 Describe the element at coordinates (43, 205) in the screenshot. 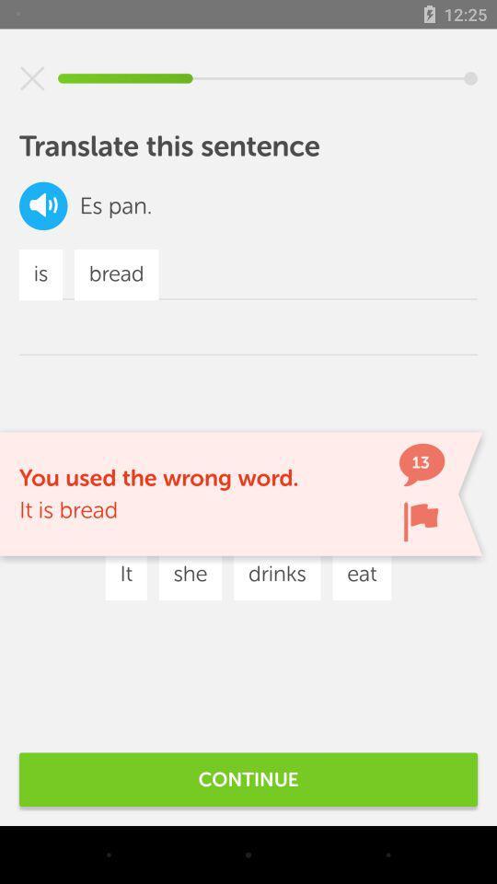

I see `speaker` at that location.